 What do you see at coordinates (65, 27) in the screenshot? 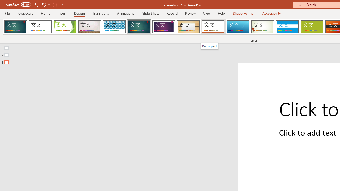
I see `'Facet'` at bounding box center [65, 27].